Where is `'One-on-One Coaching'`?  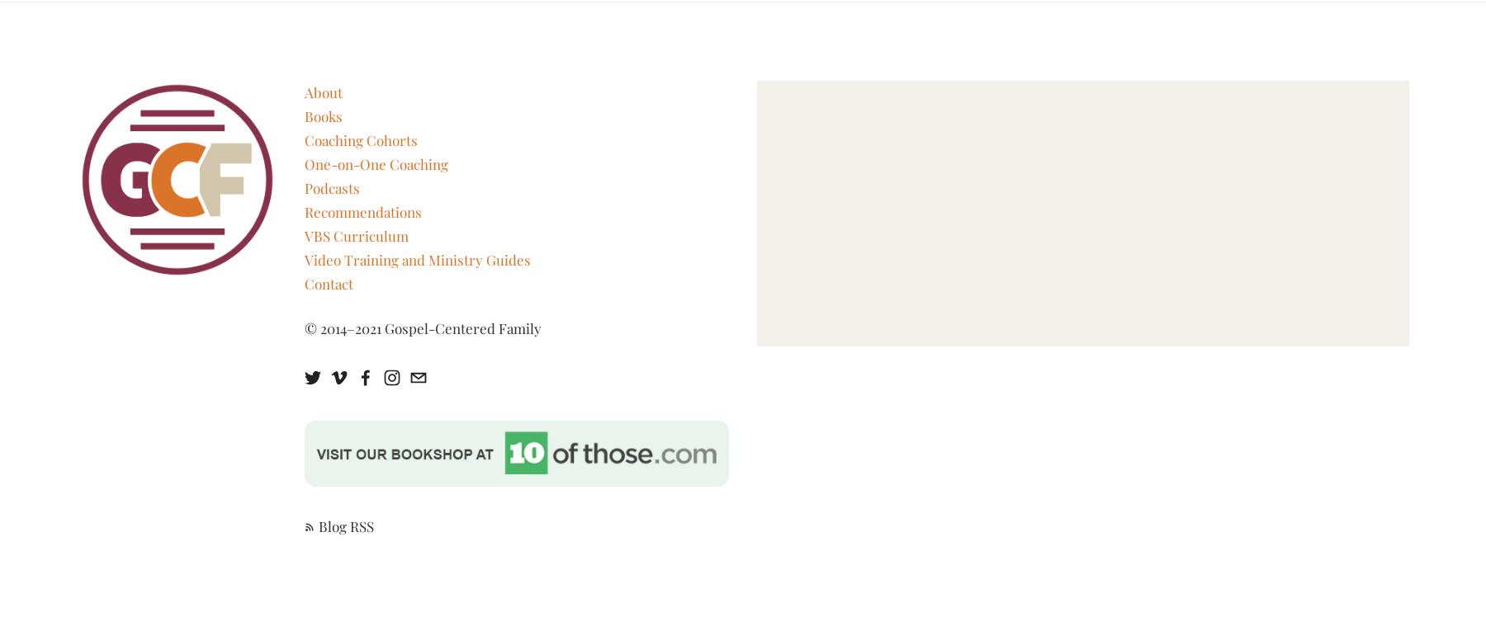 'One-on-One Coaching' is located at coordinates (375, 162).